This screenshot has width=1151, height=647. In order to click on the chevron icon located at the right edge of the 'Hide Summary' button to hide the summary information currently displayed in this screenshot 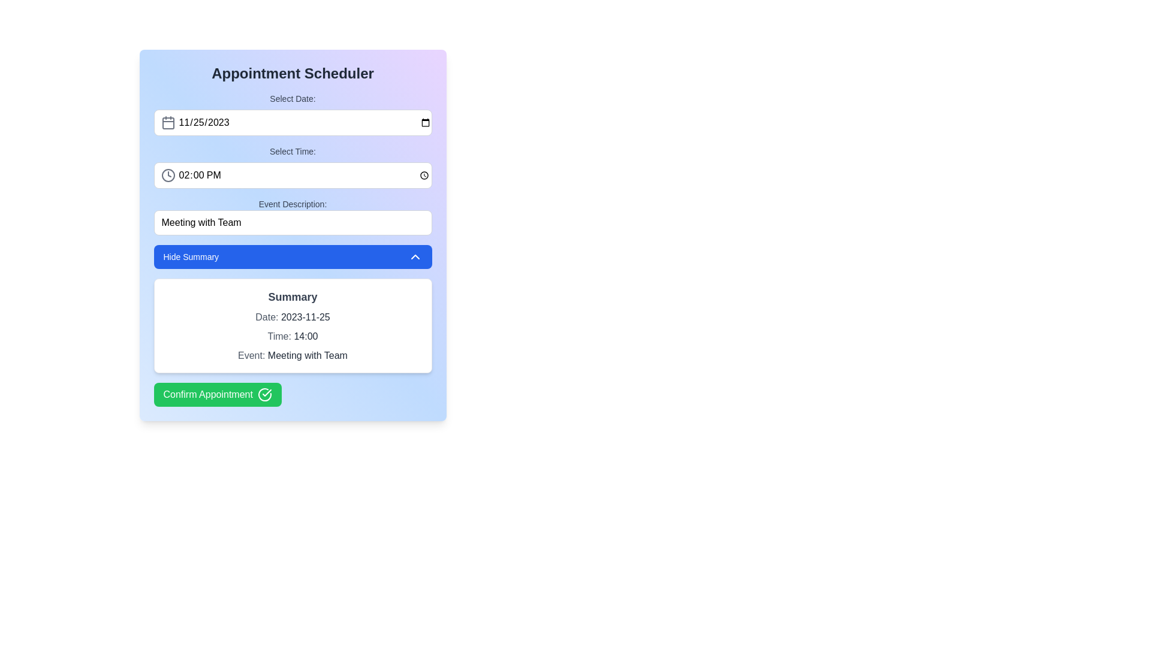, I will do `click(415, 256)`.